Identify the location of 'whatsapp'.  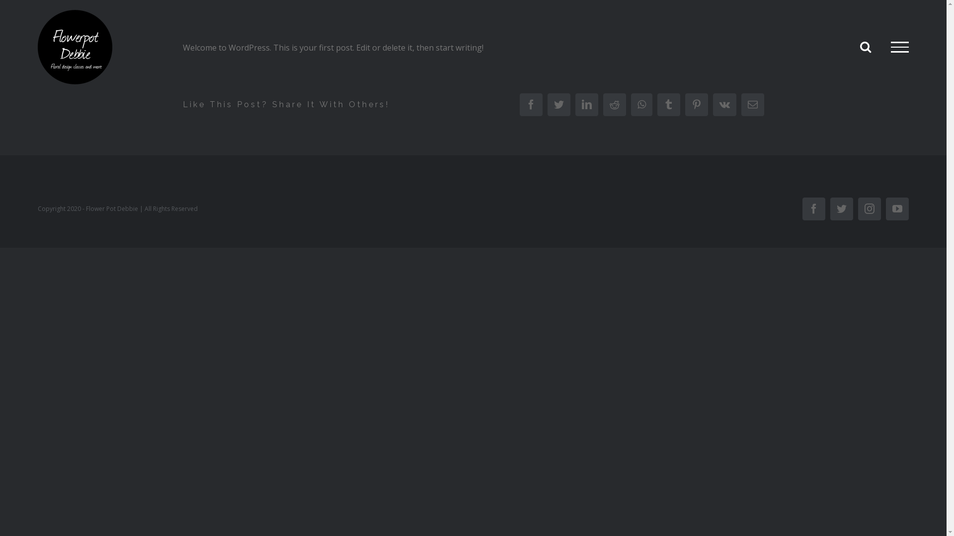
(641, 105).